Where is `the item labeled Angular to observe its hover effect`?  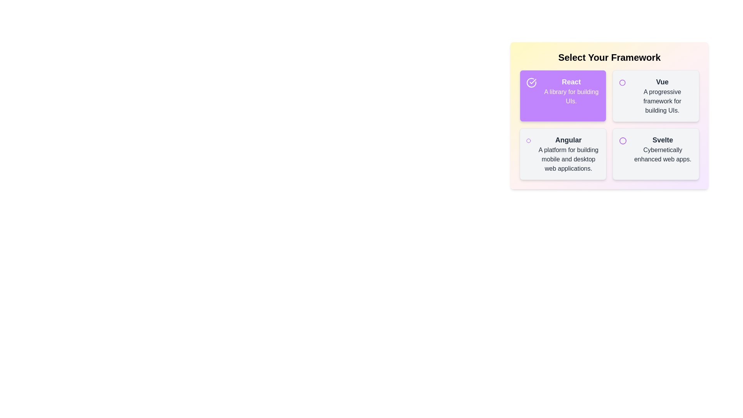
the item labeled Angular to observe its hover effect is located at coordinates (563, 154).